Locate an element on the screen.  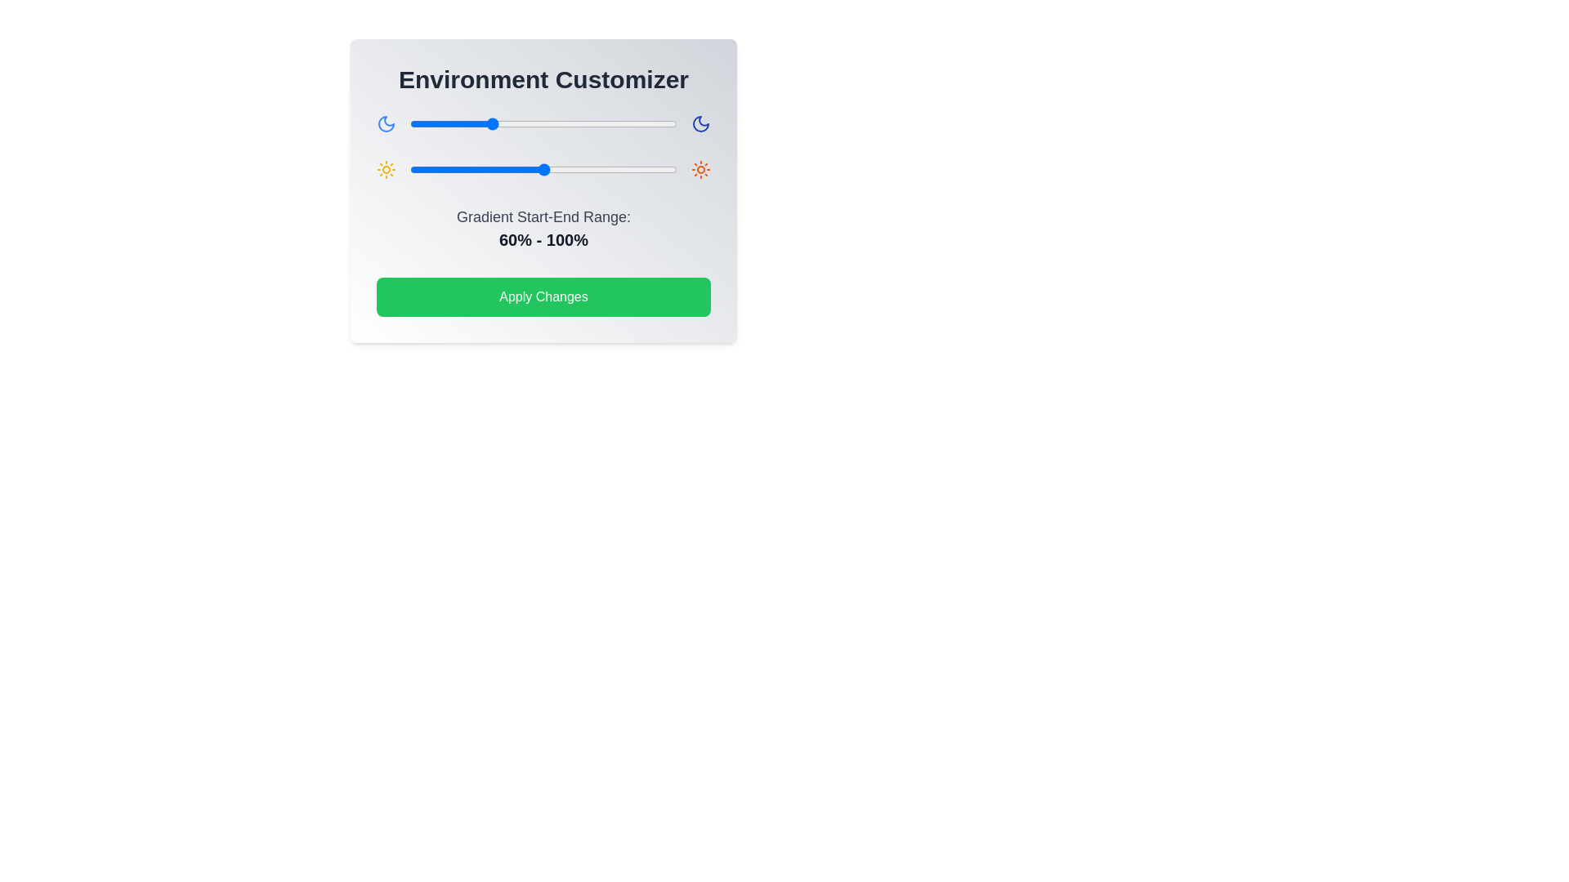
'Apply Changes' button to apply the current settings is located at coordinates (543, 296).